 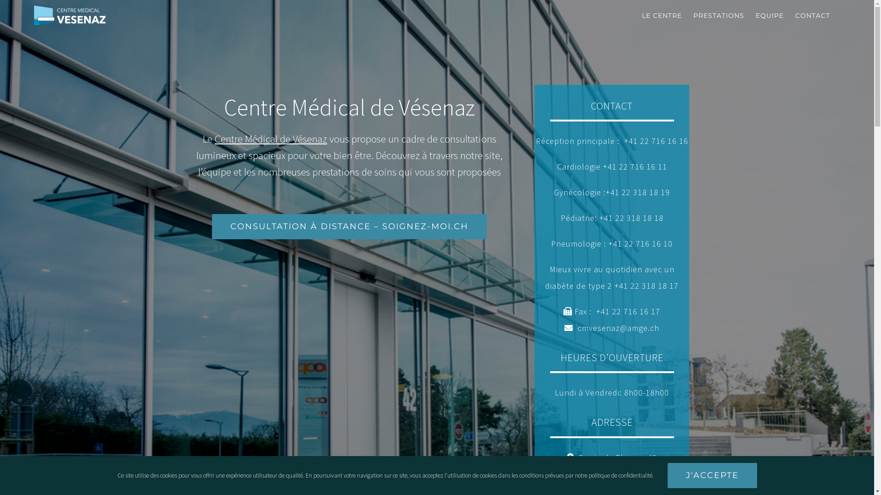 I want to click on 'PRESTATIONS', so click(x=693, y=16).